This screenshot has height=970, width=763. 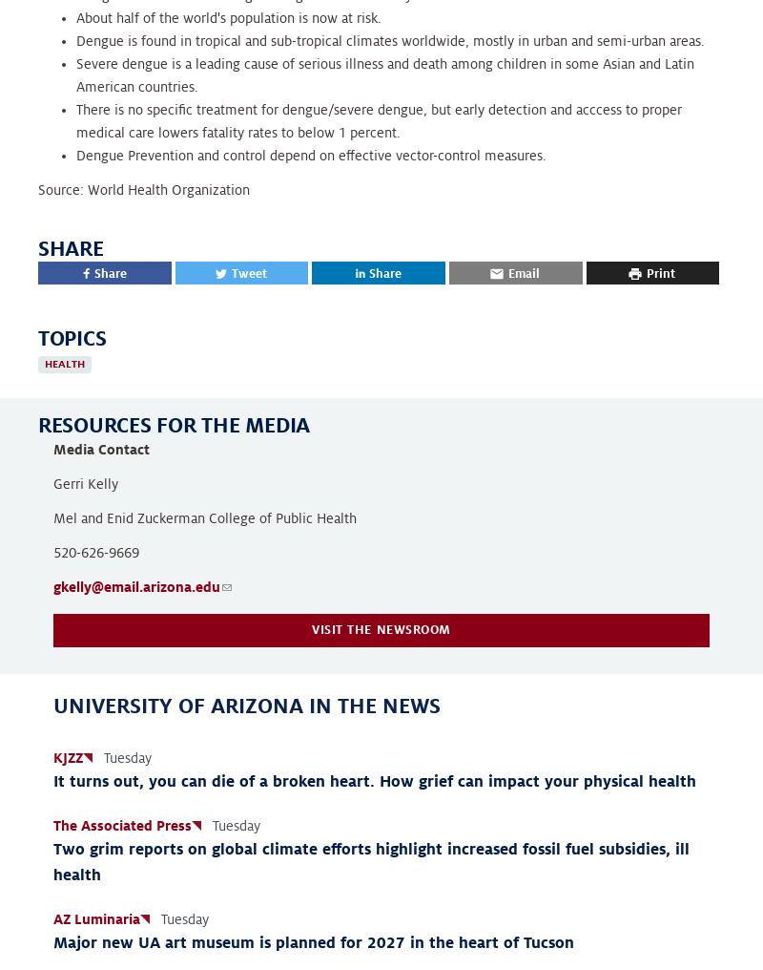 I want to click on 'Two grim reports on global climate efforts highlight increased fossil fuel subsidies, ill health', so click(x=370, y=861).